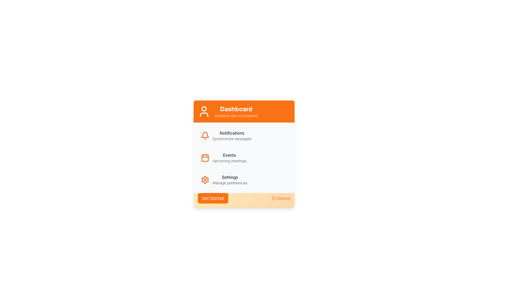 Image resolution: width=505 pixels, height=284 pixels. Describe the element at coordinates (205, 135) in the screenshot. I see `the Notifications icon, which is the first icon in a vertical list within a card, positioned to the left of the label 'Notifications'` at that location.